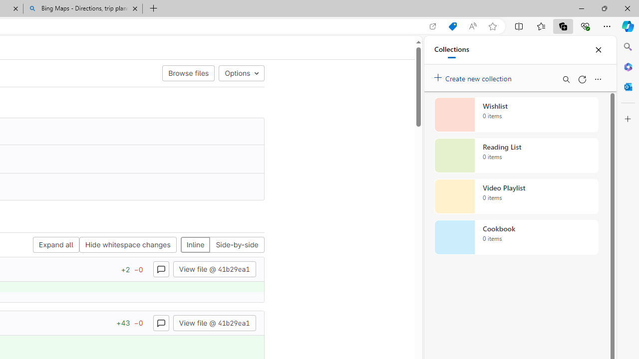  Describe the element at coordinates (598, 79) in the screenshot. I see `'More options menu'` at that location.